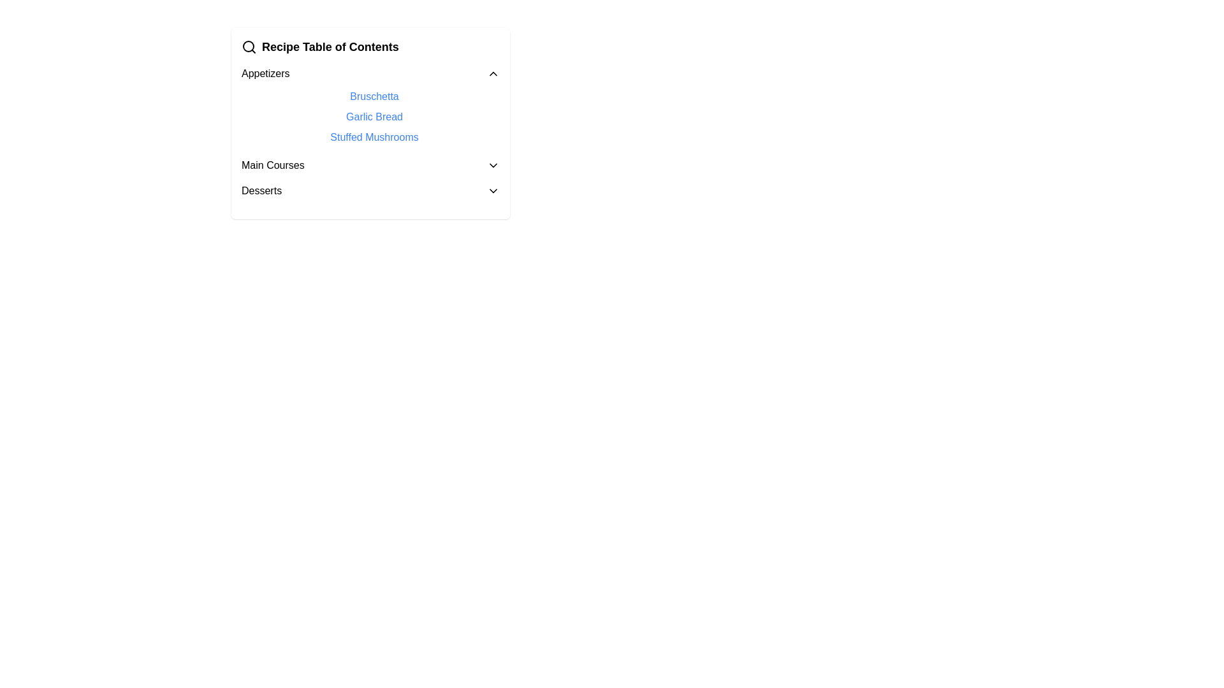  Describe the element at coordinates (370, 133) in the screenshot. I see `the third hyperlink in the 'Appetizers' dropdown section` at that location.